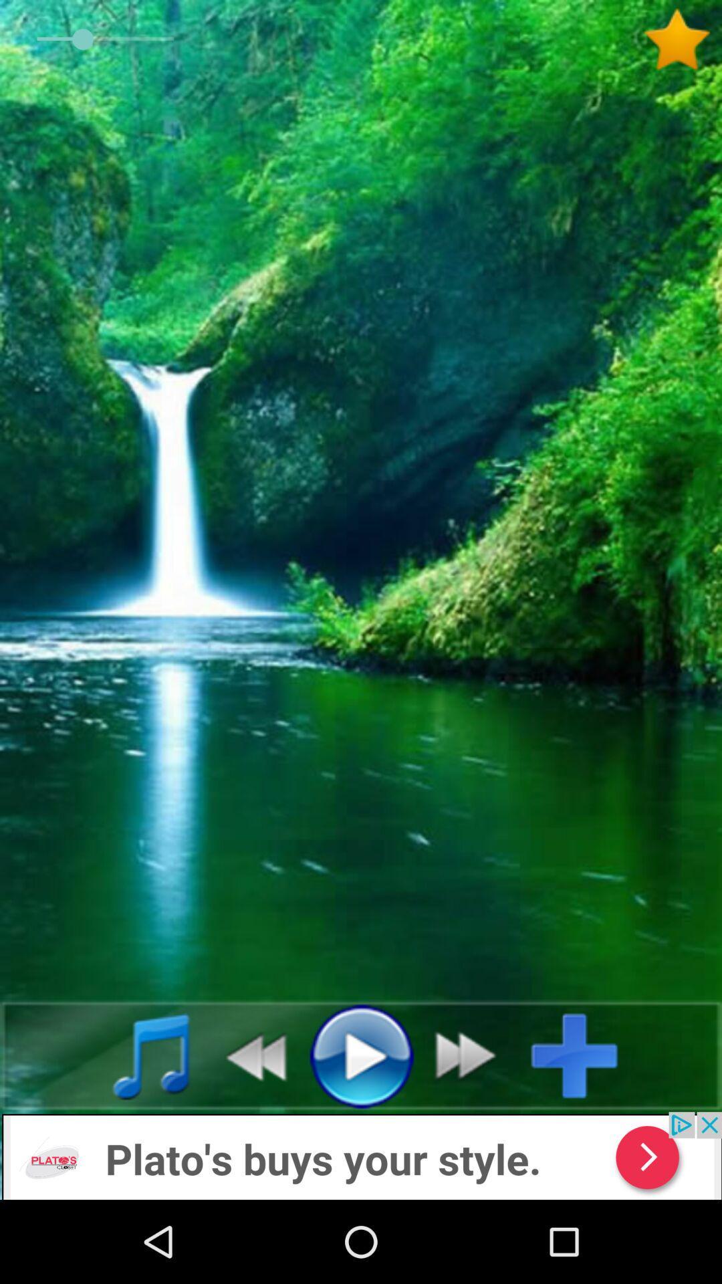  What do you see at coordinates (361, 1055) in the screenshot?
I see `the media` at bounding box center [361, 1055].